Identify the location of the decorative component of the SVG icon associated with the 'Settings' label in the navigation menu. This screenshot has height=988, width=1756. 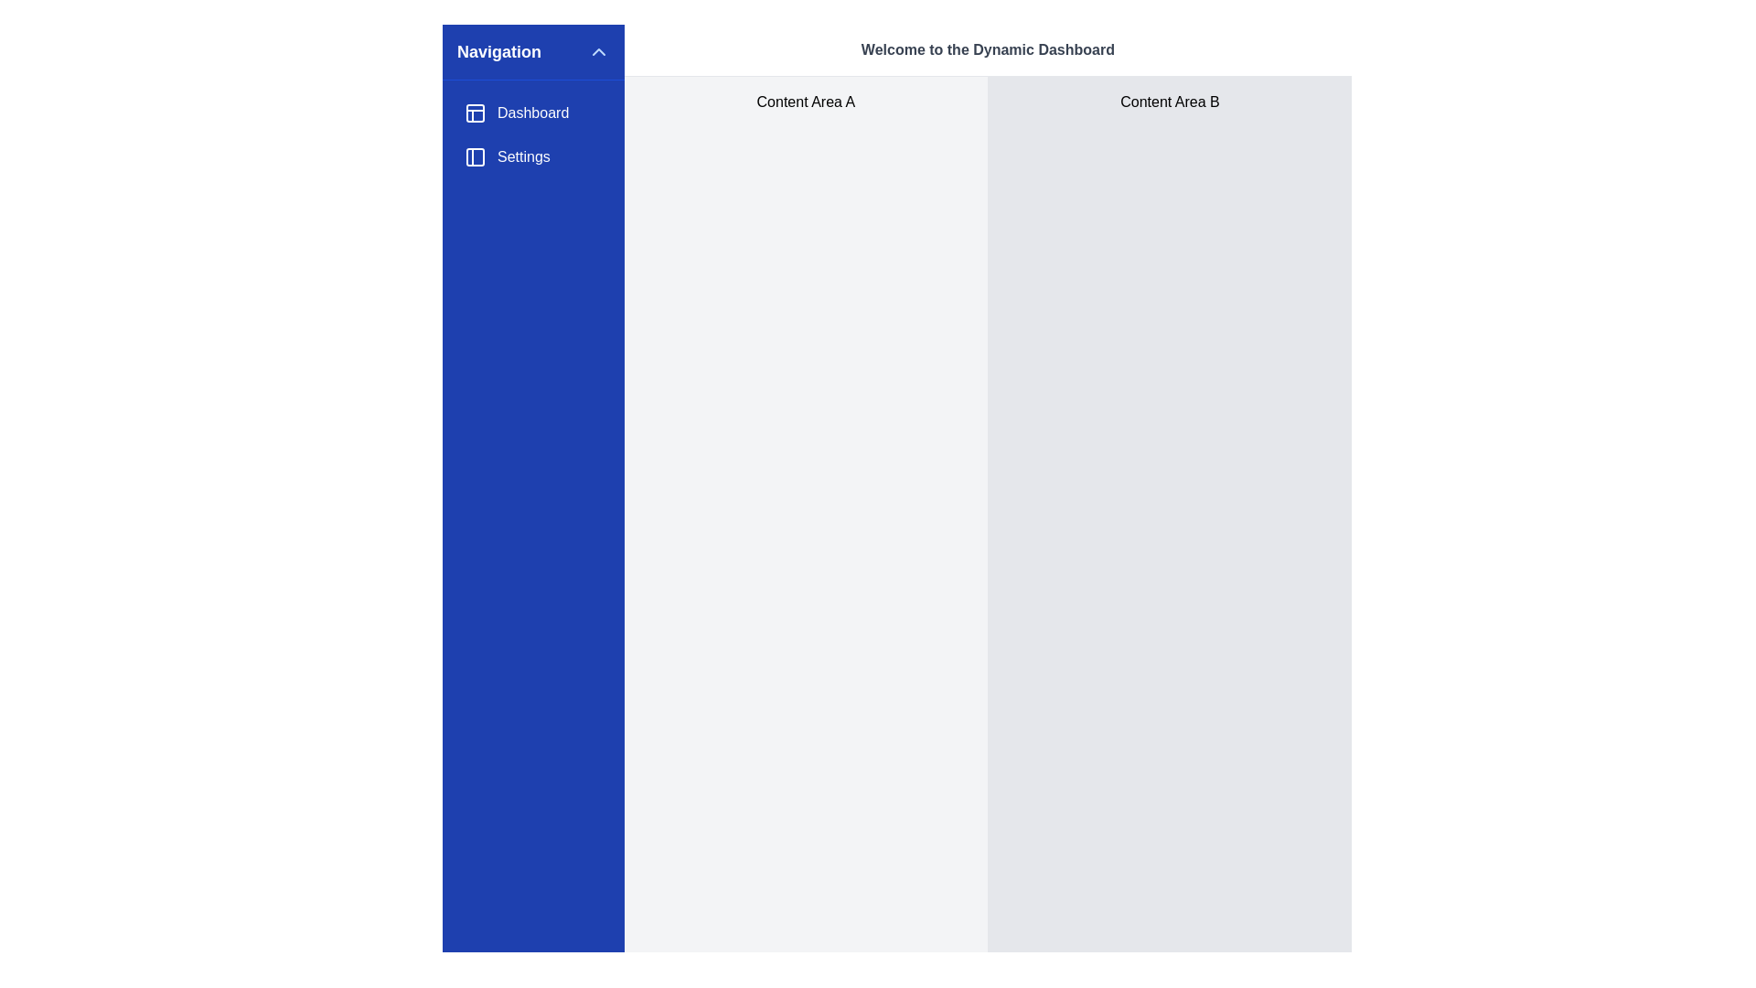
(475, 156).